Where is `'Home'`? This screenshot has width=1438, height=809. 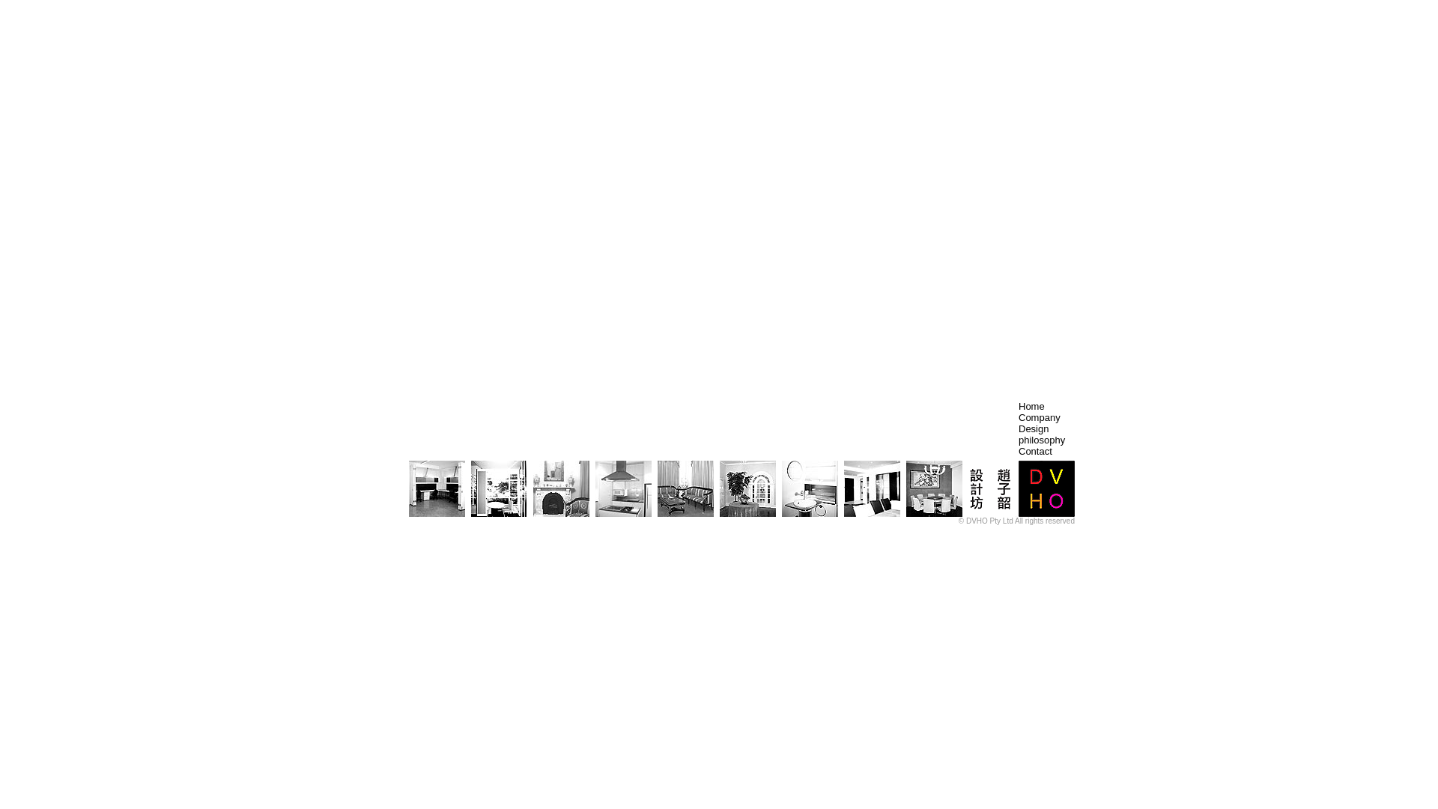 'Home' is located at coordinates (1031, 406).